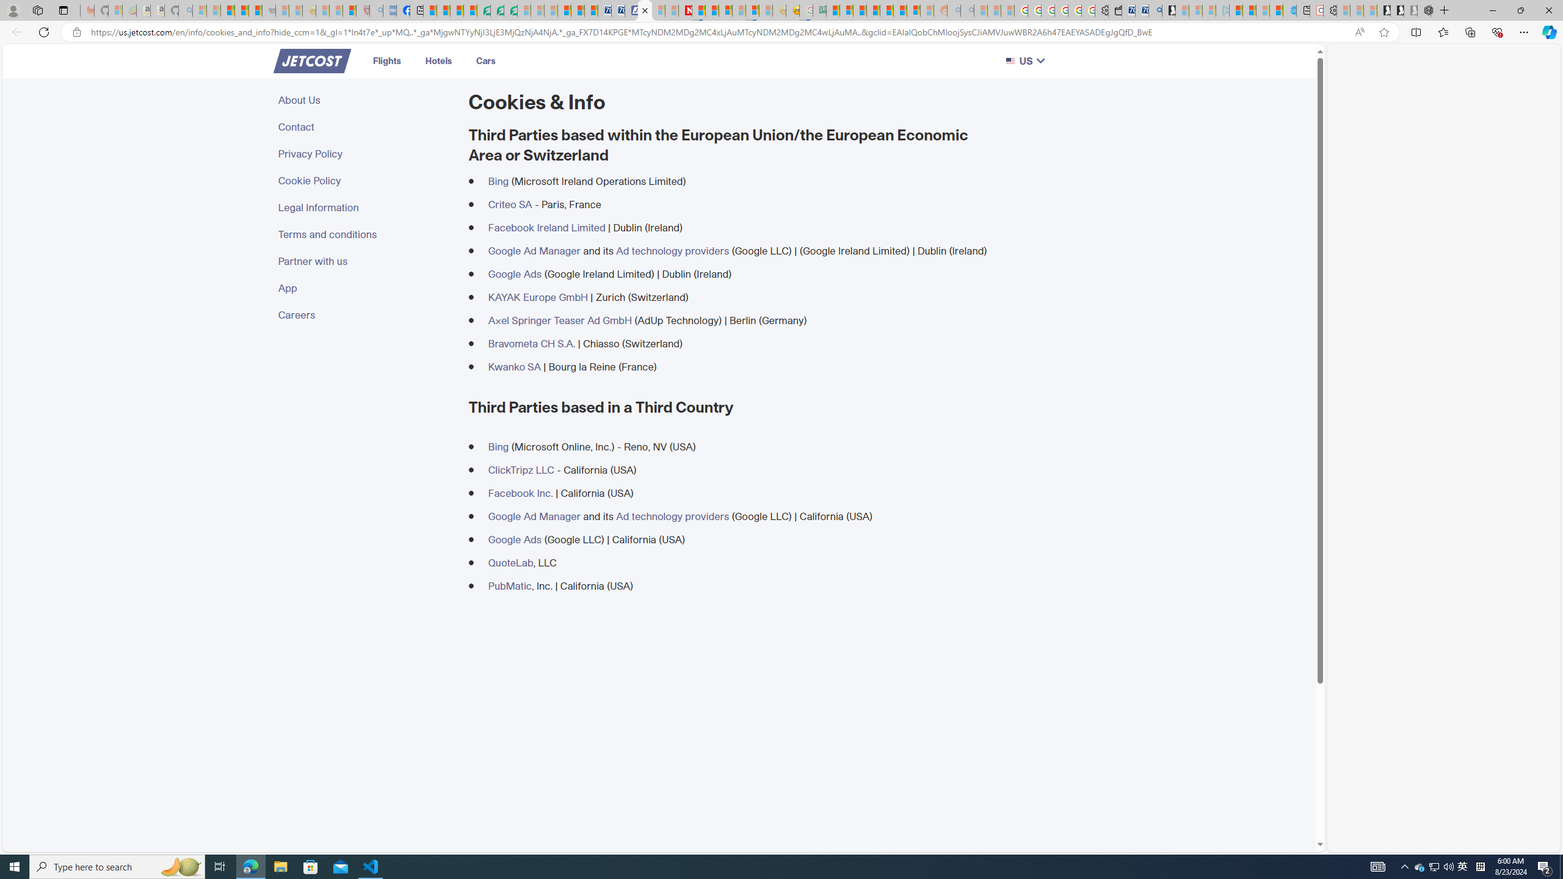 This screenshot has height=879, width=1563. I want to click on 'Terms of Use Agreement', so click(498, 10).